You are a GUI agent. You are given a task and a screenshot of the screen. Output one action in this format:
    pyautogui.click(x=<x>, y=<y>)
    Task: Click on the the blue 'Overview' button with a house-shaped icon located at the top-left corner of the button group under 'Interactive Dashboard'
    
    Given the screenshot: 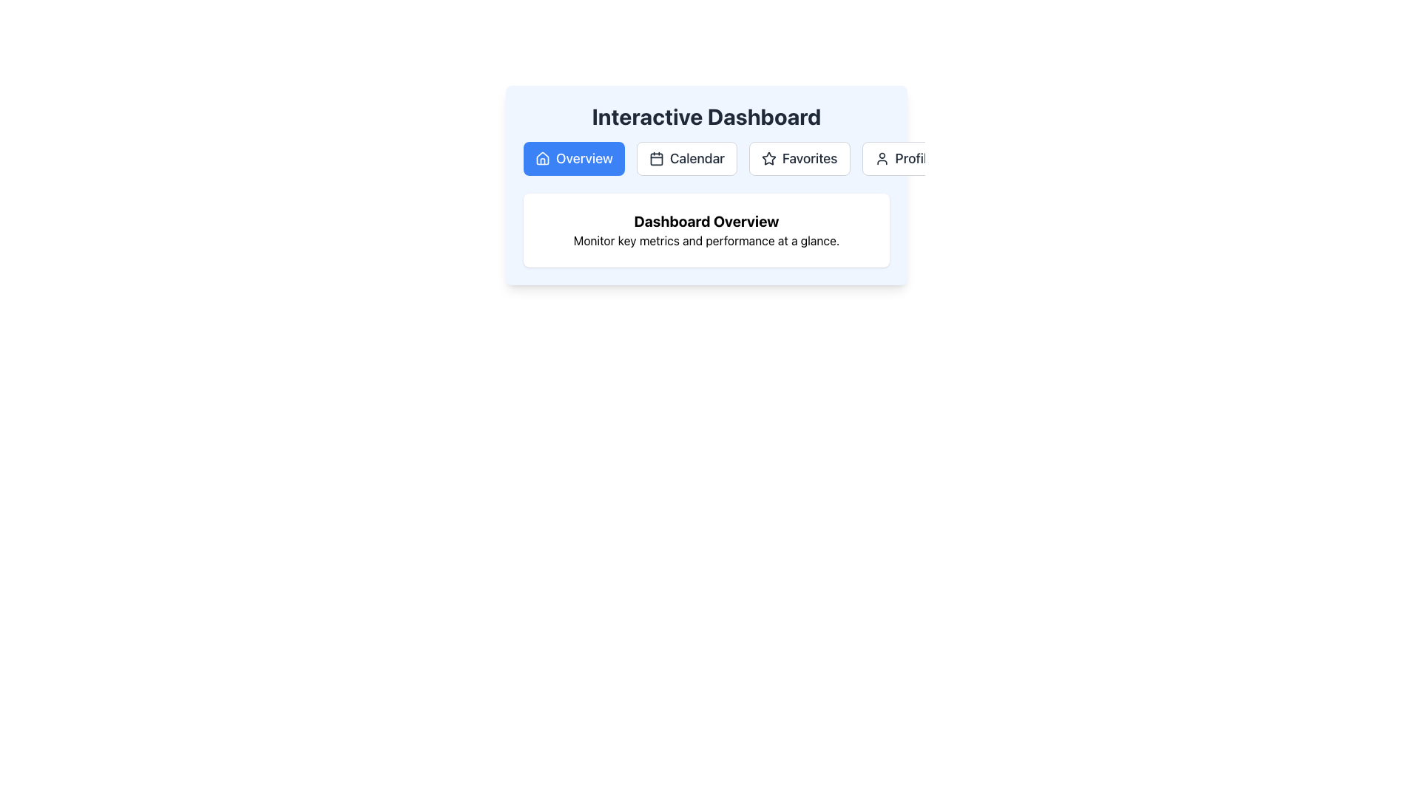 What is the action you would take?
    pyautogui.click(x=573, y=159)
    